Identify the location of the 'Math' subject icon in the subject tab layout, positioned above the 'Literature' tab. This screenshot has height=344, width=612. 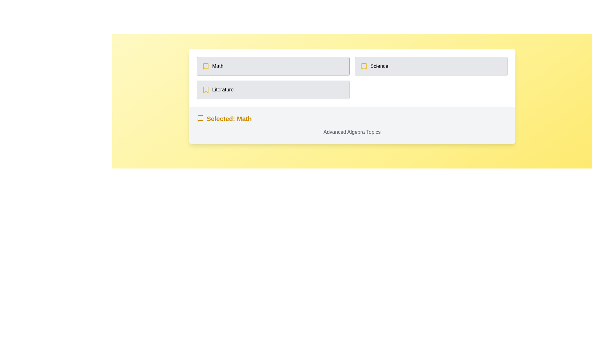
(206, 66).